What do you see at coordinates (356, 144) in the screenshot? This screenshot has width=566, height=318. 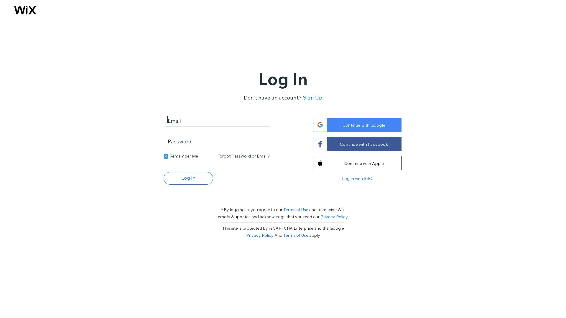 I see `Continue with Facebook` at bounding box center [356, 144].